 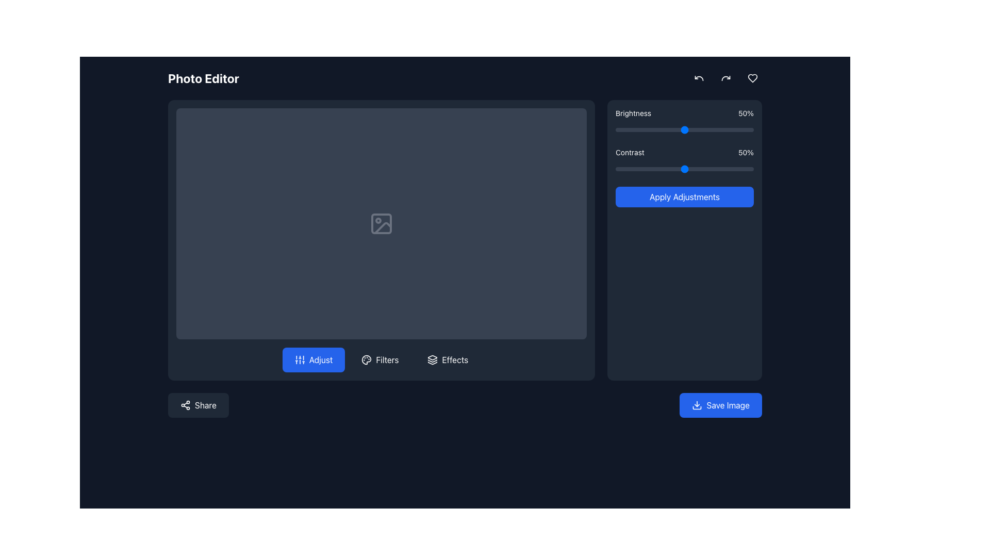 I want to click on the download icon that resembles a downward arrow pointing to a horizontal line, located at the left side of the 'Save Image' button in the bottom-right corner of the main interface, so click(x=697, y=404).